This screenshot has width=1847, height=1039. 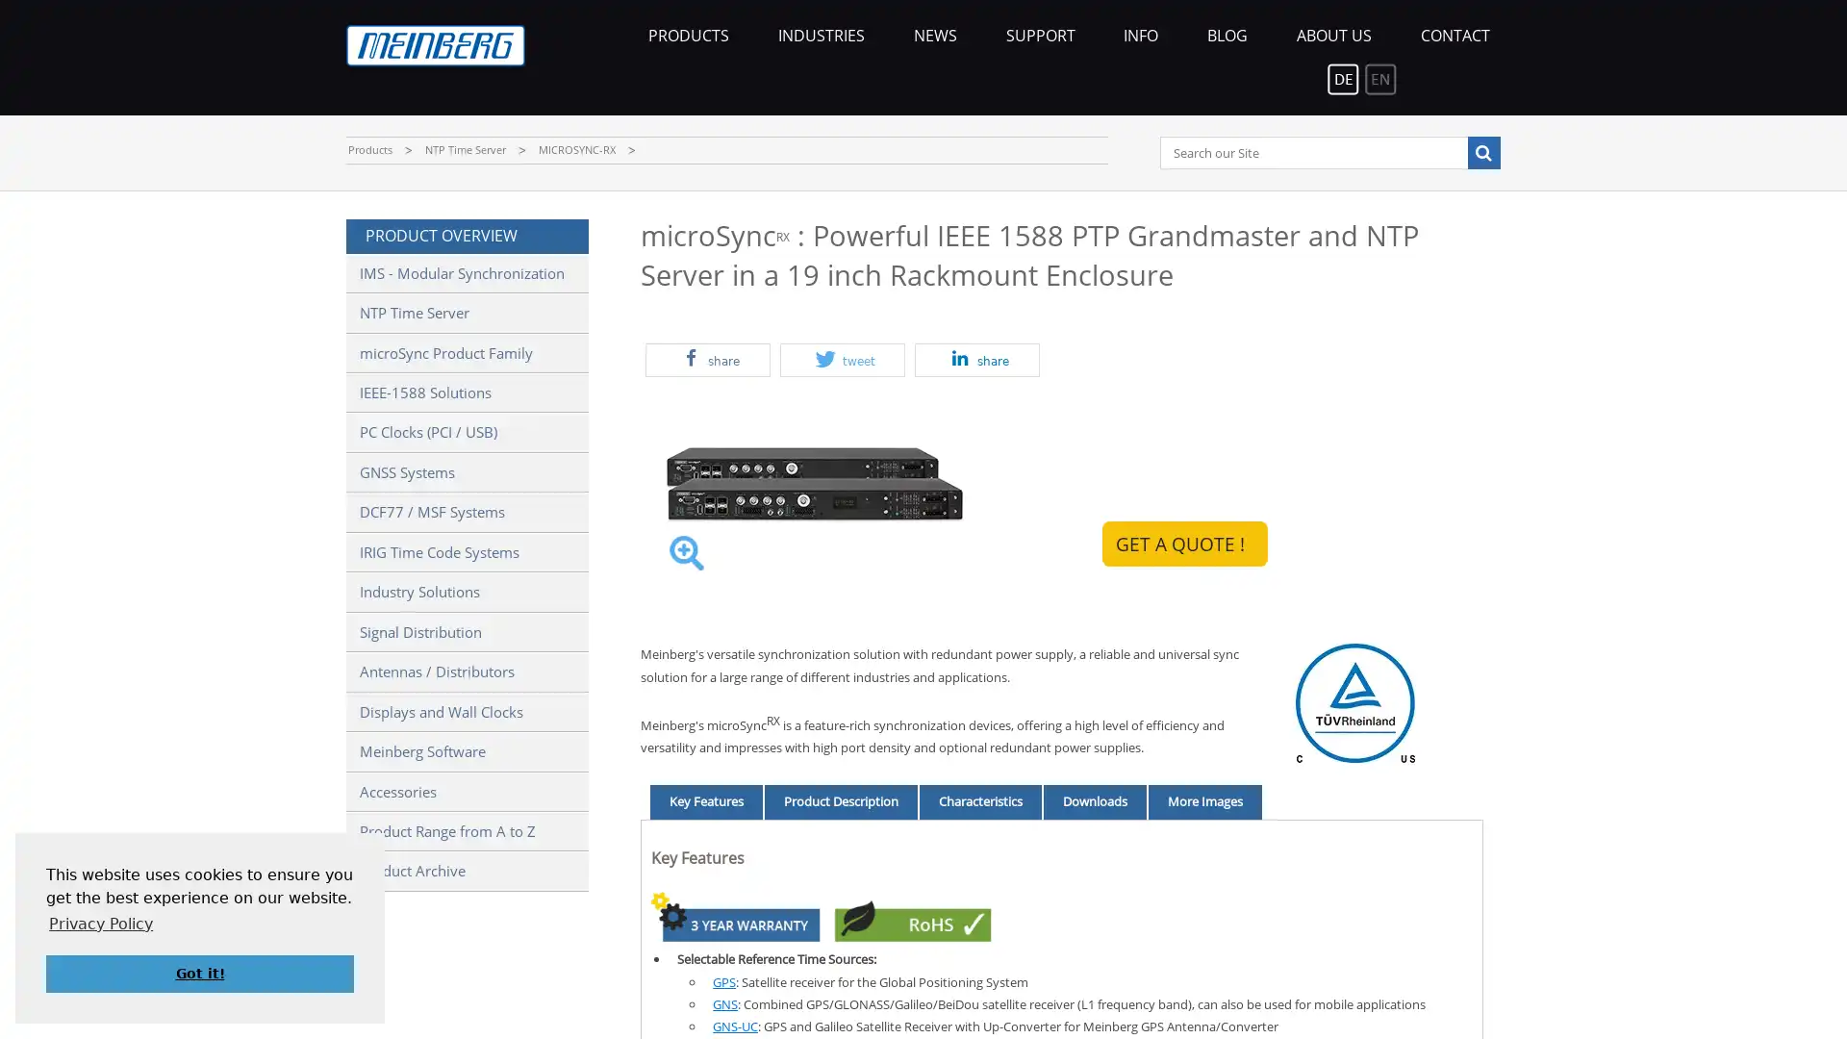 I want to click on Share on Twitter, so click(x=842, y=361).